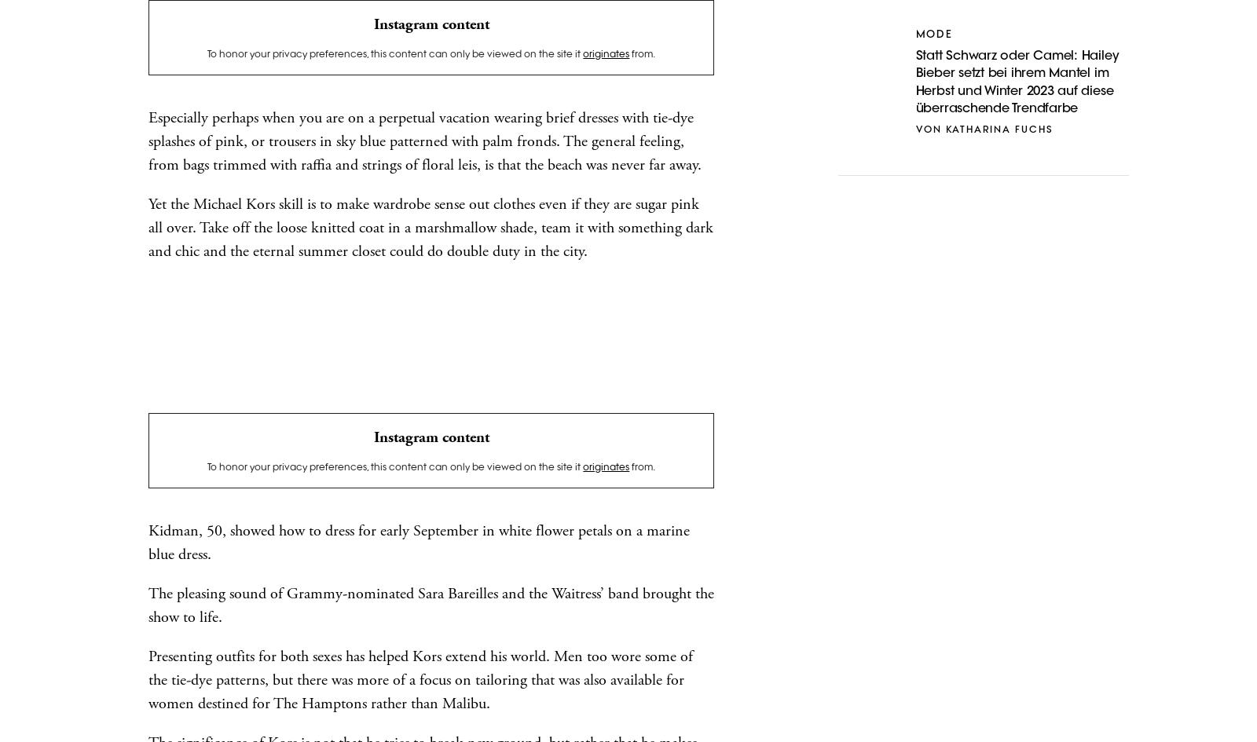 The height and width of the screenshot is (742, 1257). I want to click on 'Yet the Michael Kors skill is to make wardrobe sense out clothes even if they are sugar pink all over. Take off the loose knitted coat in a marshmallow shade, team it with something dark and chic and the eternal summer closet could do double duty in the city.', so click(430, 228).